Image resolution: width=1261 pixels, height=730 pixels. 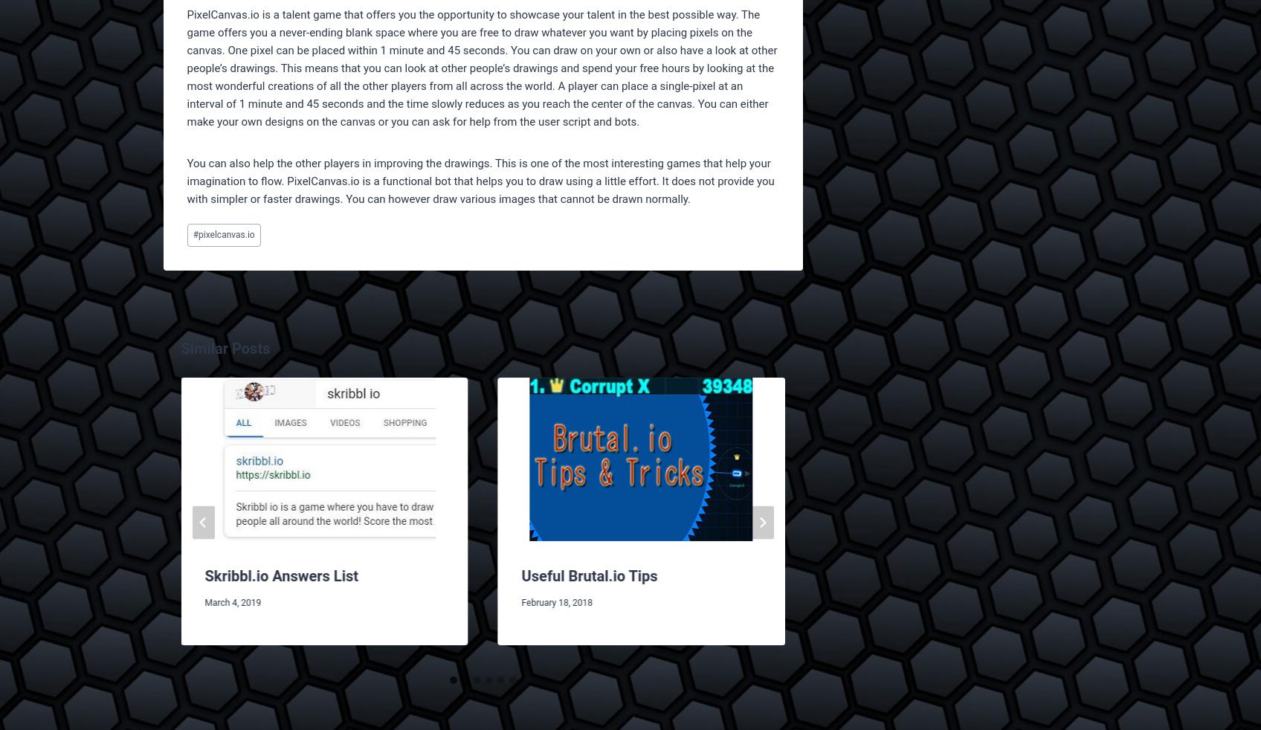 I want to click on 'November 5, 2018', so click(x=1191, y=624).